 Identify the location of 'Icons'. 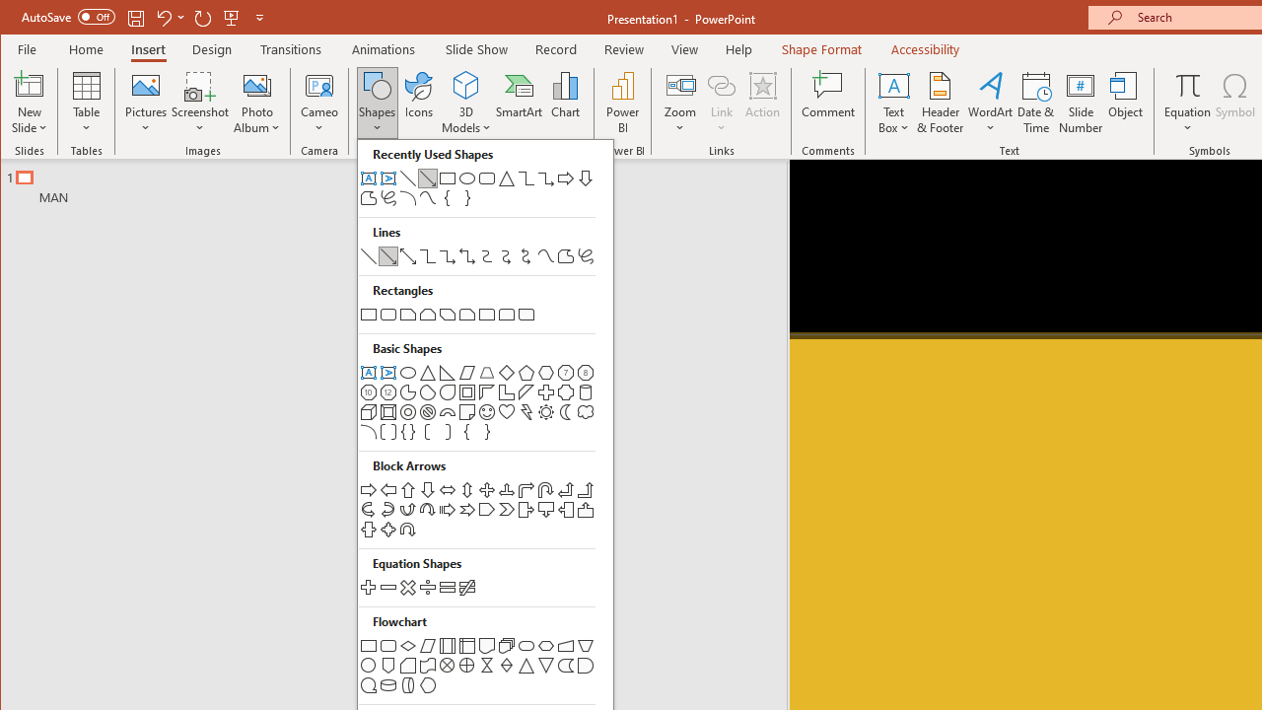
(417, 103).